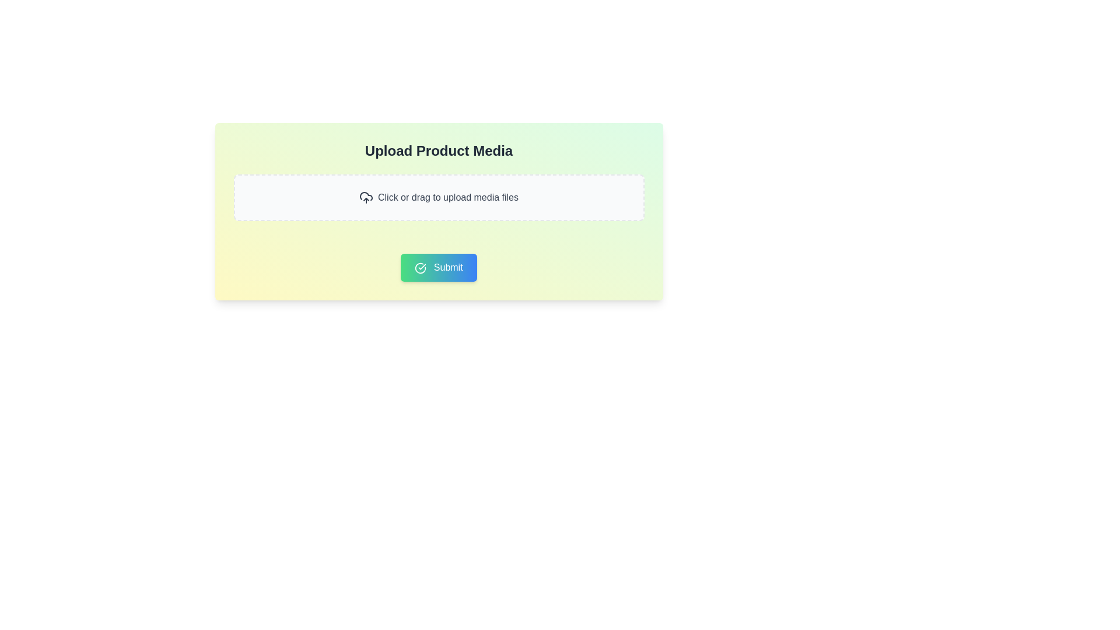  I want to click on the file upload area, so click(438, 197).